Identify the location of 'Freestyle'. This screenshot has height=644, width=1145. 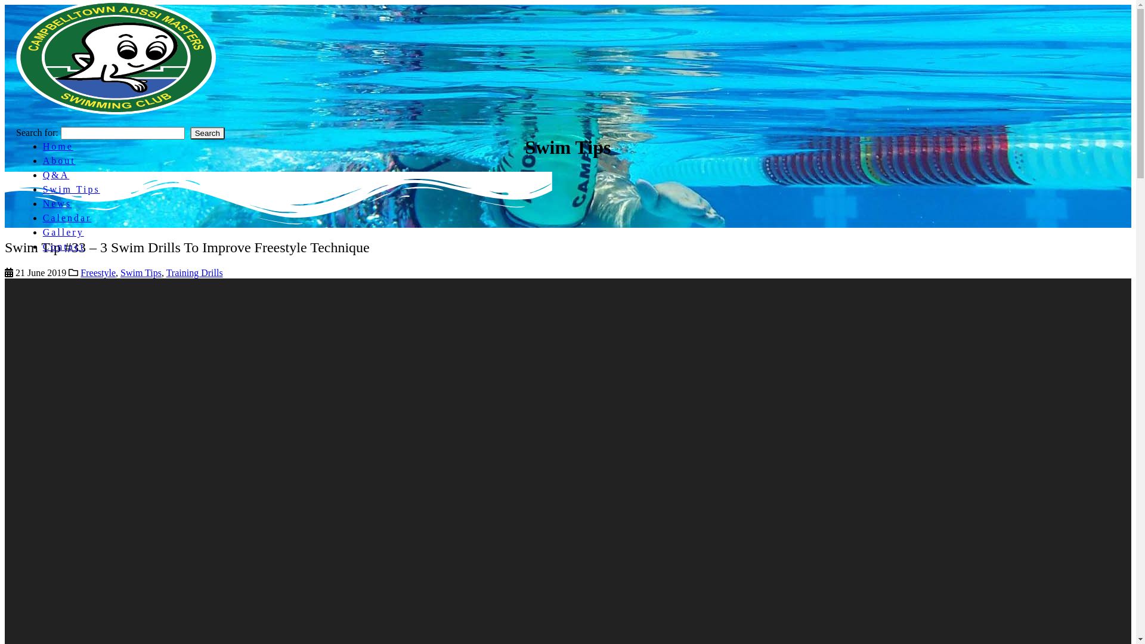
(98, 273).